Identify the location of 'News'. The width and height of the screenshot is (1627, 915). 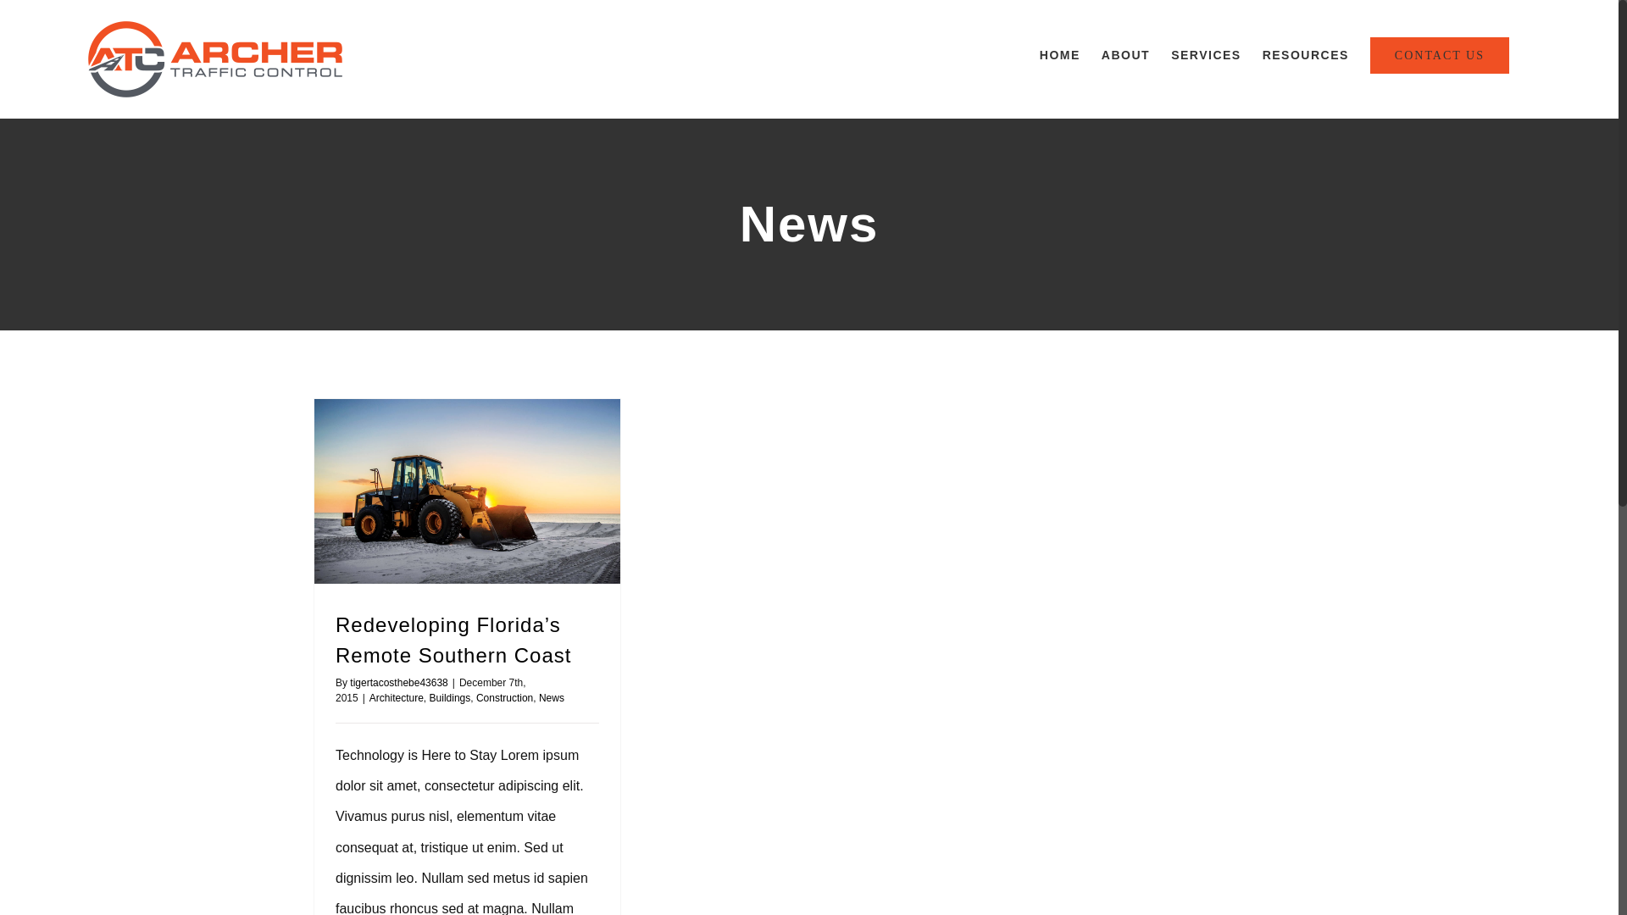
(552, 698).